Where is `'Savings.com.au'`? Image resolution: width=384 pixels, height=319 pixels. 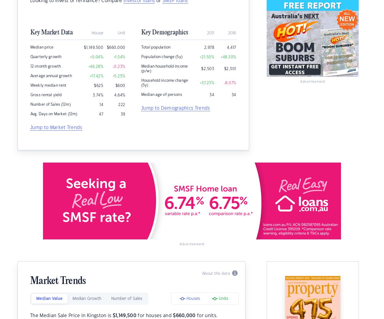 'Savings.com.au' is located at coordinates (85, 289).